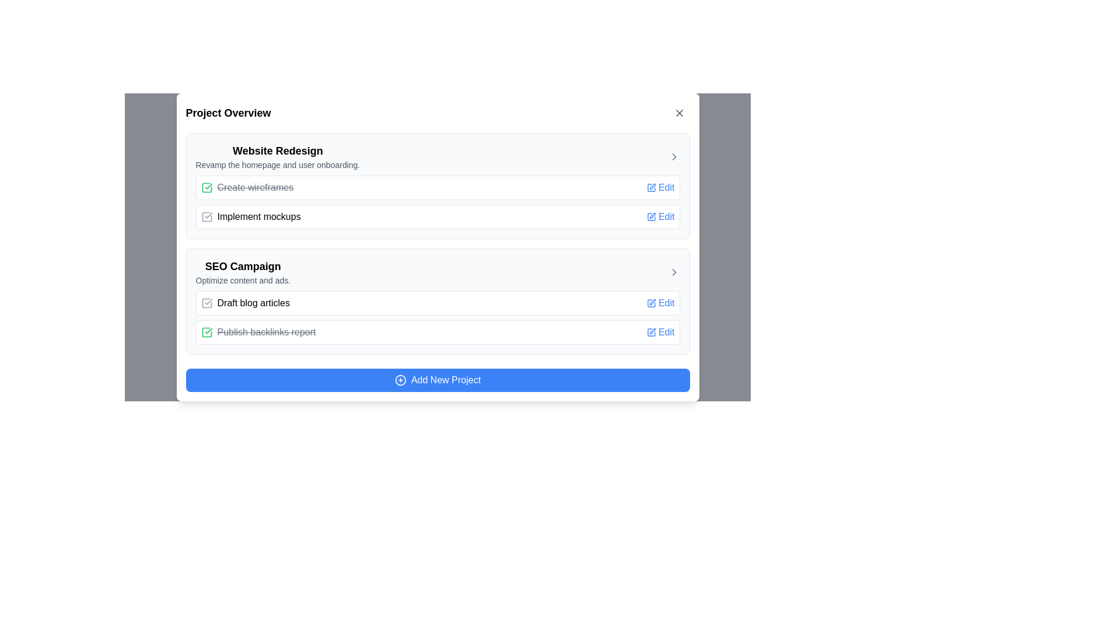  Describe the element at coordinates (265, 332) in the screenshot. I see `the Text label indicating the completion of the task 'Publish backlinks report', which is located in the 'SEO Campaign' section, below 'Draft blog articles'` at that location.